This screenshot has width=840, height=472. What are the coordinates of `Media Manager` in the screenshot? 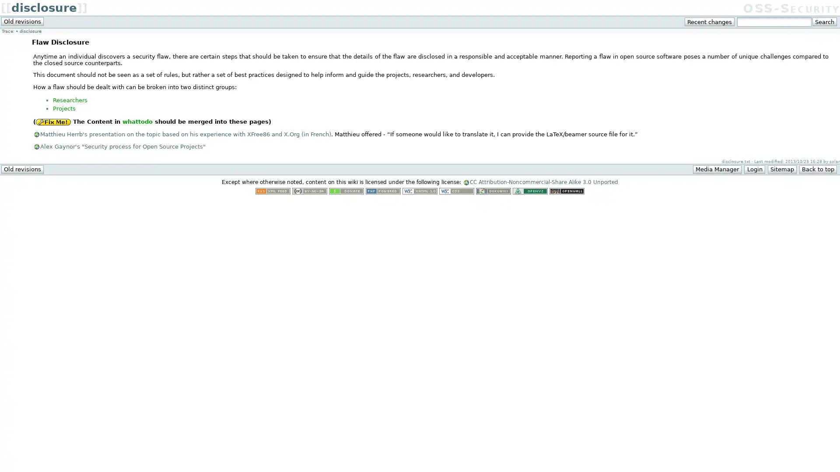 It's located at (717, 169).